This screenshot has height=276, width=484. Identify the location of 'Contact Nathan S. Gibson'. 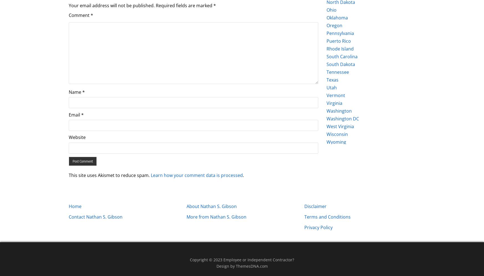
(96, 216).